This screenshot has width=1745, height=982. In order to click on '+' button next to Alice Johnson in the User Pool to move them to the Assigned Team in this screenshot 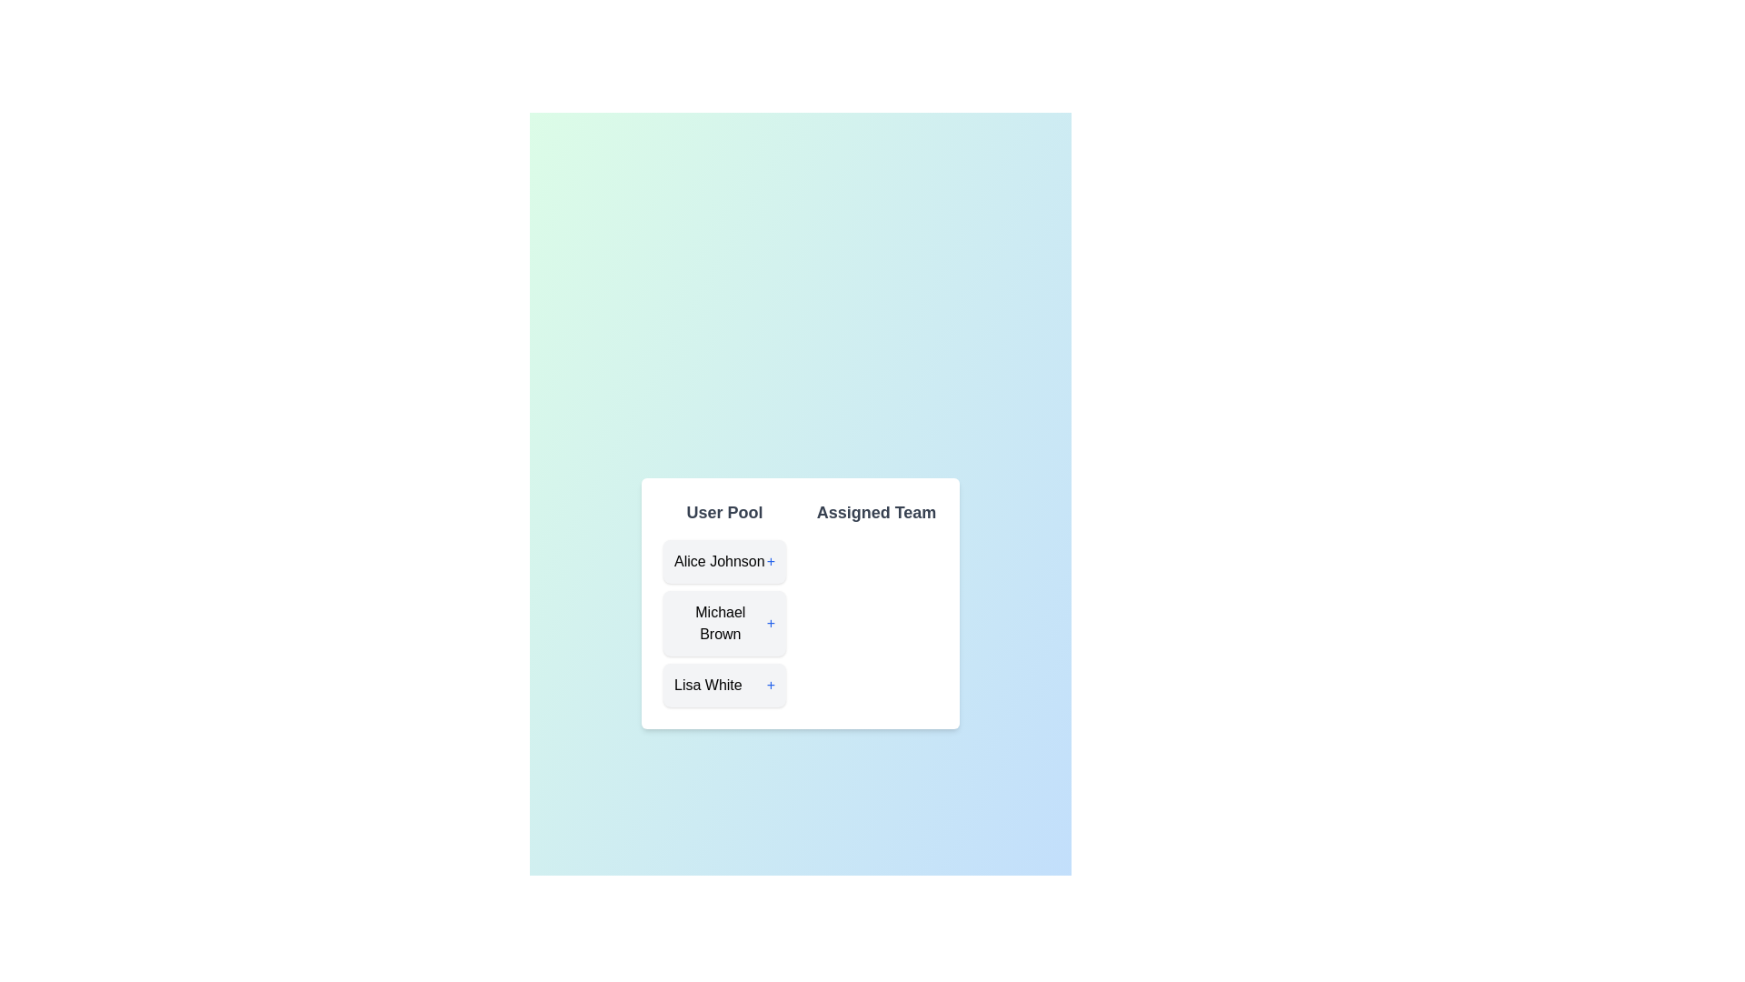, I will do `click(771, 560)`.